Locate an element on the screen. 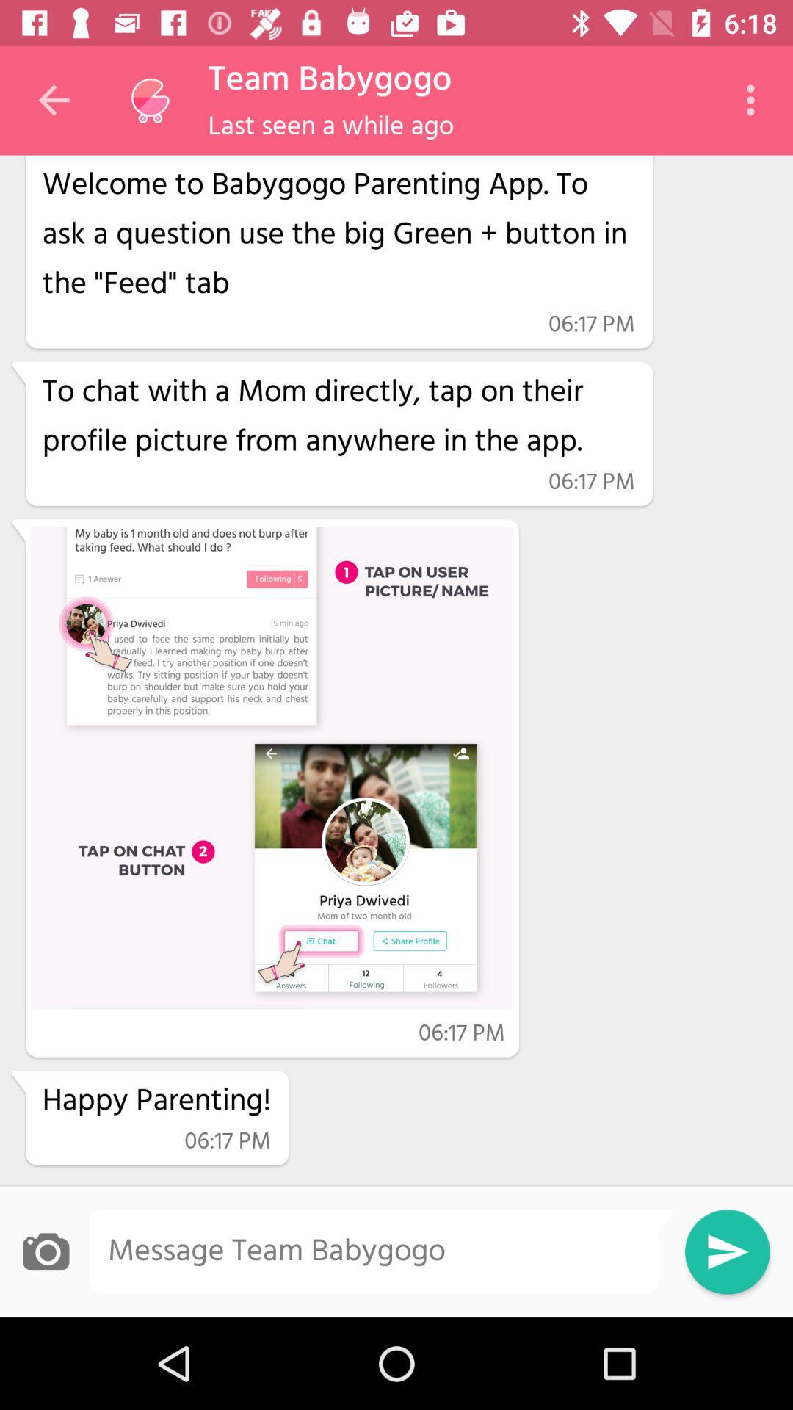  last seen a item is located at coordinates (331, 127).